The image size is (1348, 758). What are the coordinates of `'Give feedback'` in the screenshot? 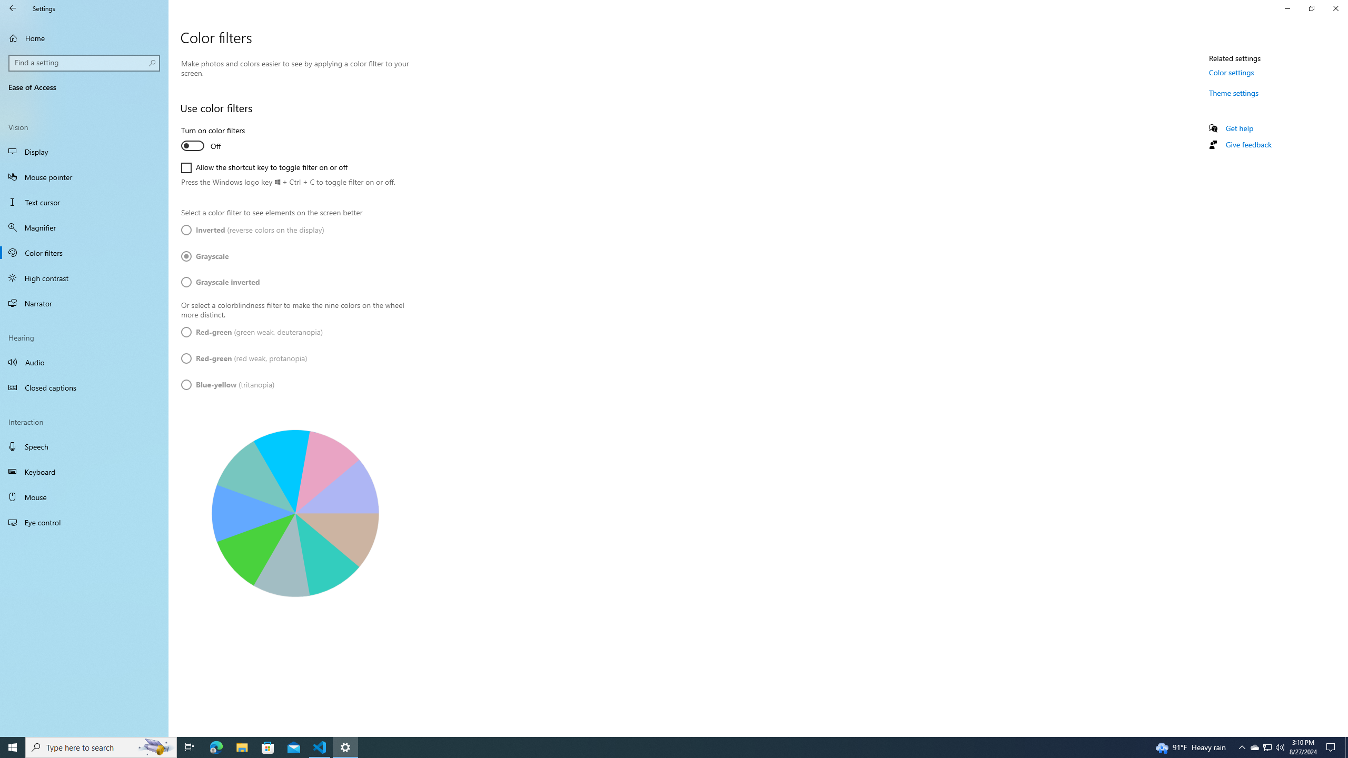 It's located at (1247, 144).